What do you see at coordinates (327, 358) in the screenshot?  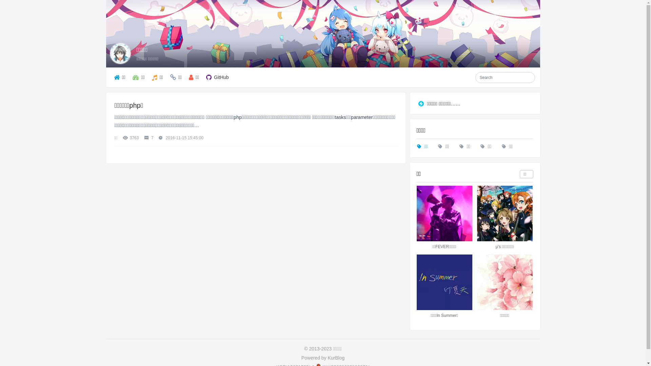 I see `'KurBlog'` at bounding box center [327, 358].